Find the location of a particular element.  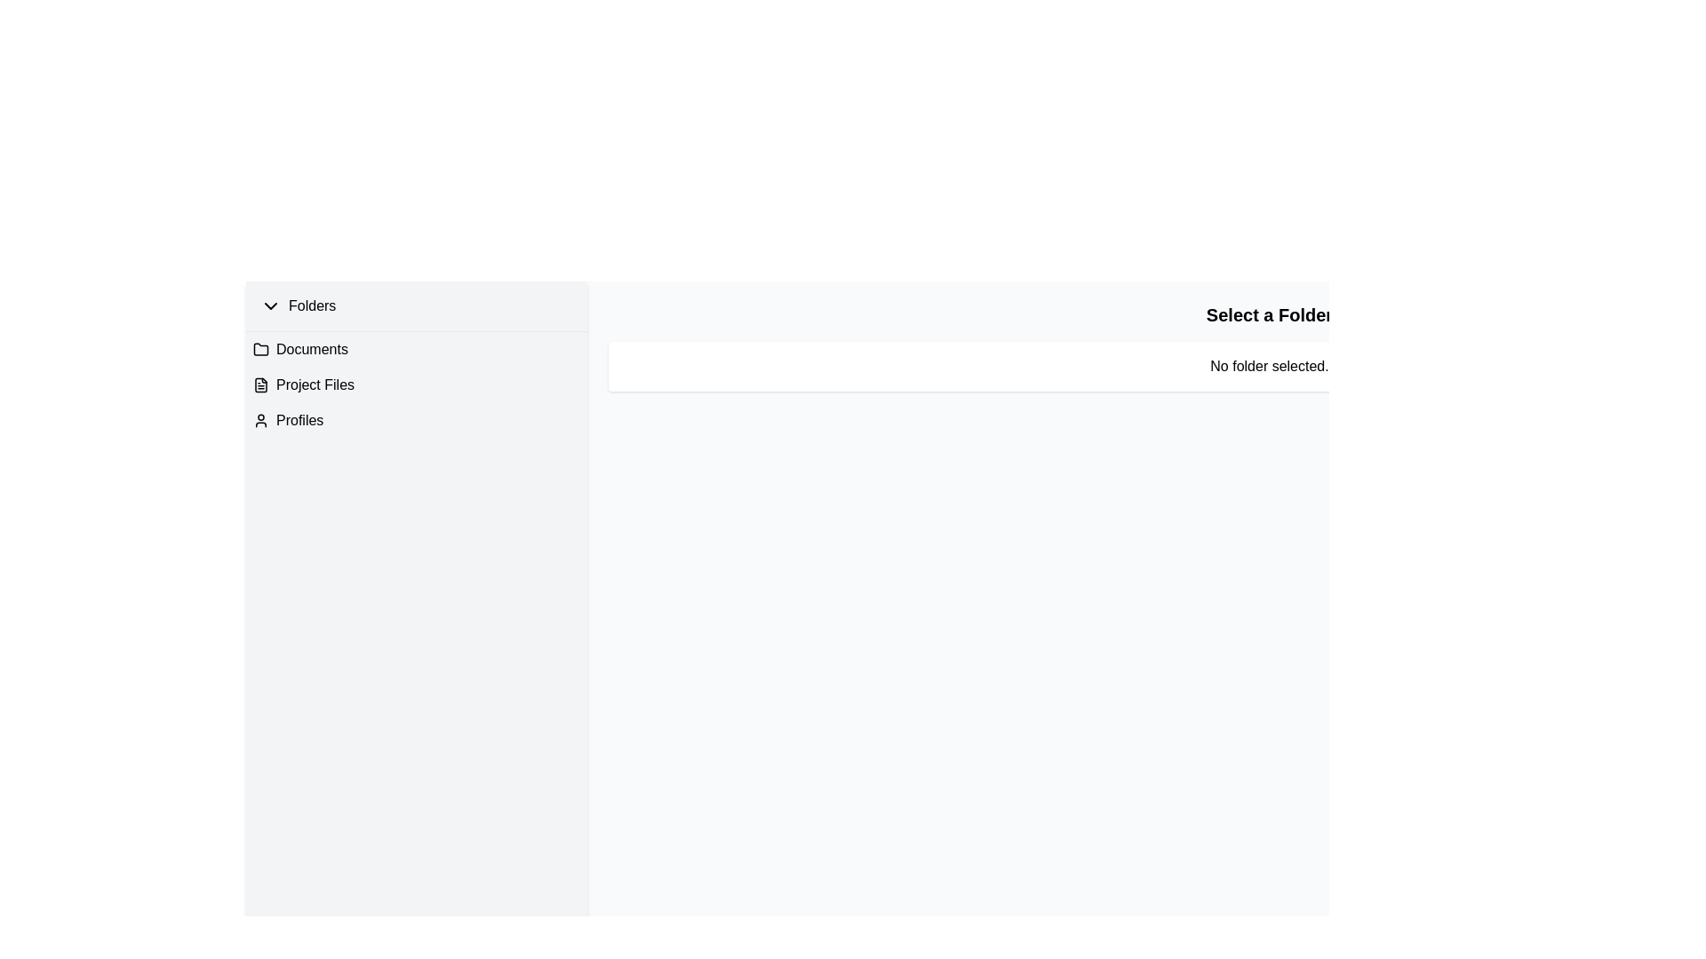

the first clickable list item in the left sidebar is located at coordinates (416, 349).